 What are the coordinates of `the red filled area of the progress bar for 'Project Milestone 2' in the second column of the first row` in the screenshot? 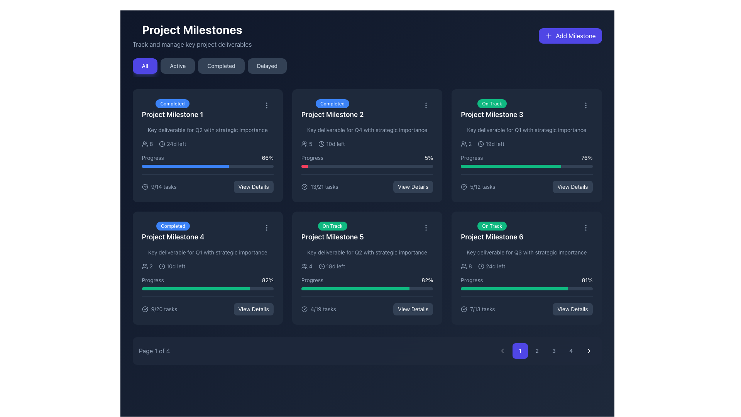 It's located at (304, 166).